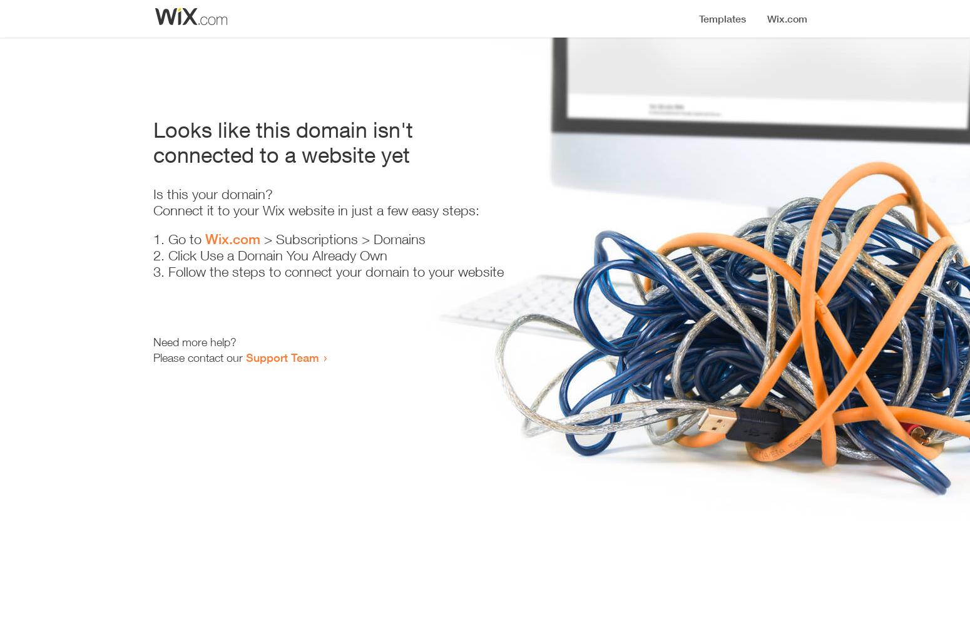 The height and width of the screenshot is (626, 970). I want to click on 'Wix.com', so click(204, 239).